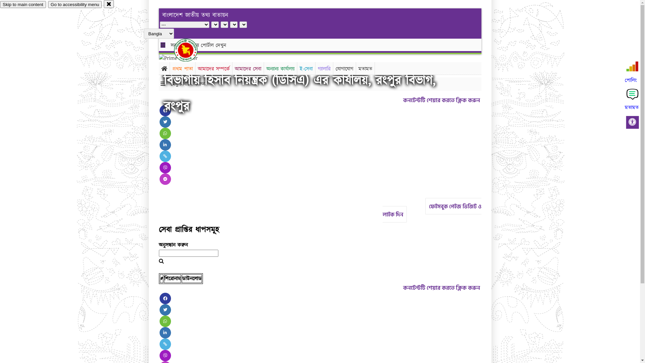 This screenshot has height=363, width=645. Describe the element at coordinates (75, 4) in the screenshot. I see `'Go to accessibility menu'` at that location.